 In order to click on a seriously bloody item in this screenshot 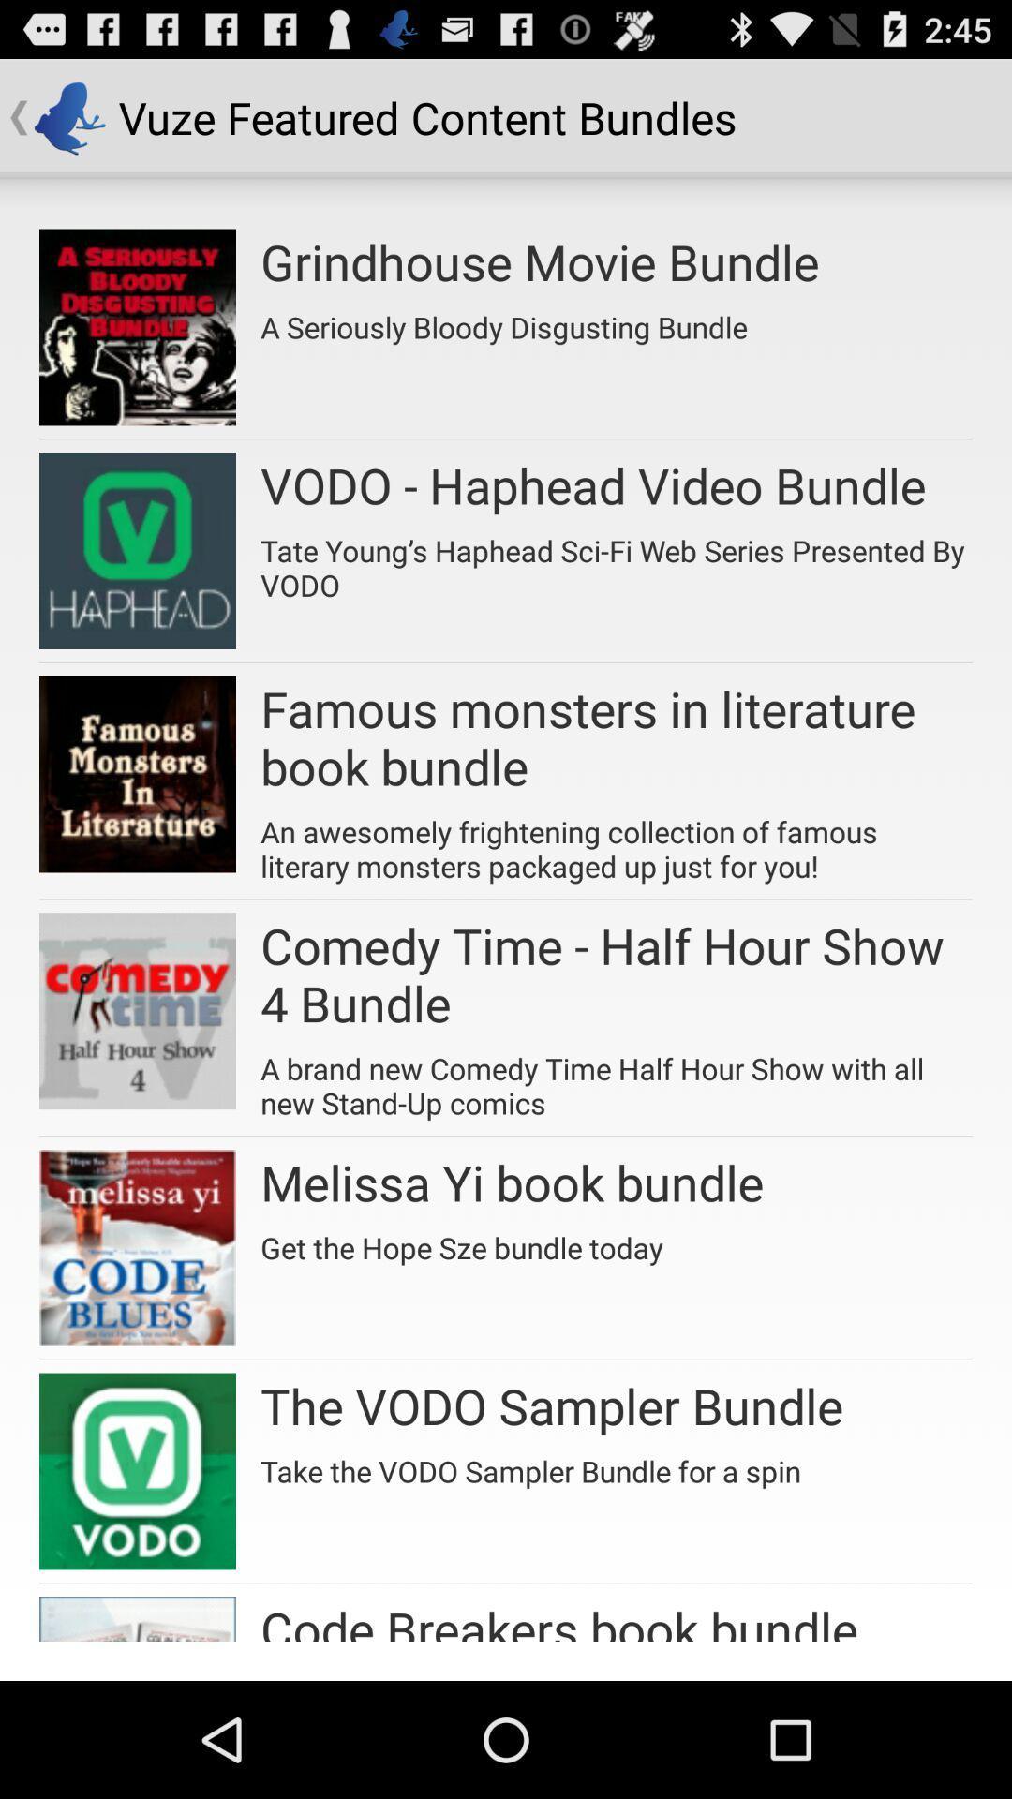, I will do `click(503, 320)`.